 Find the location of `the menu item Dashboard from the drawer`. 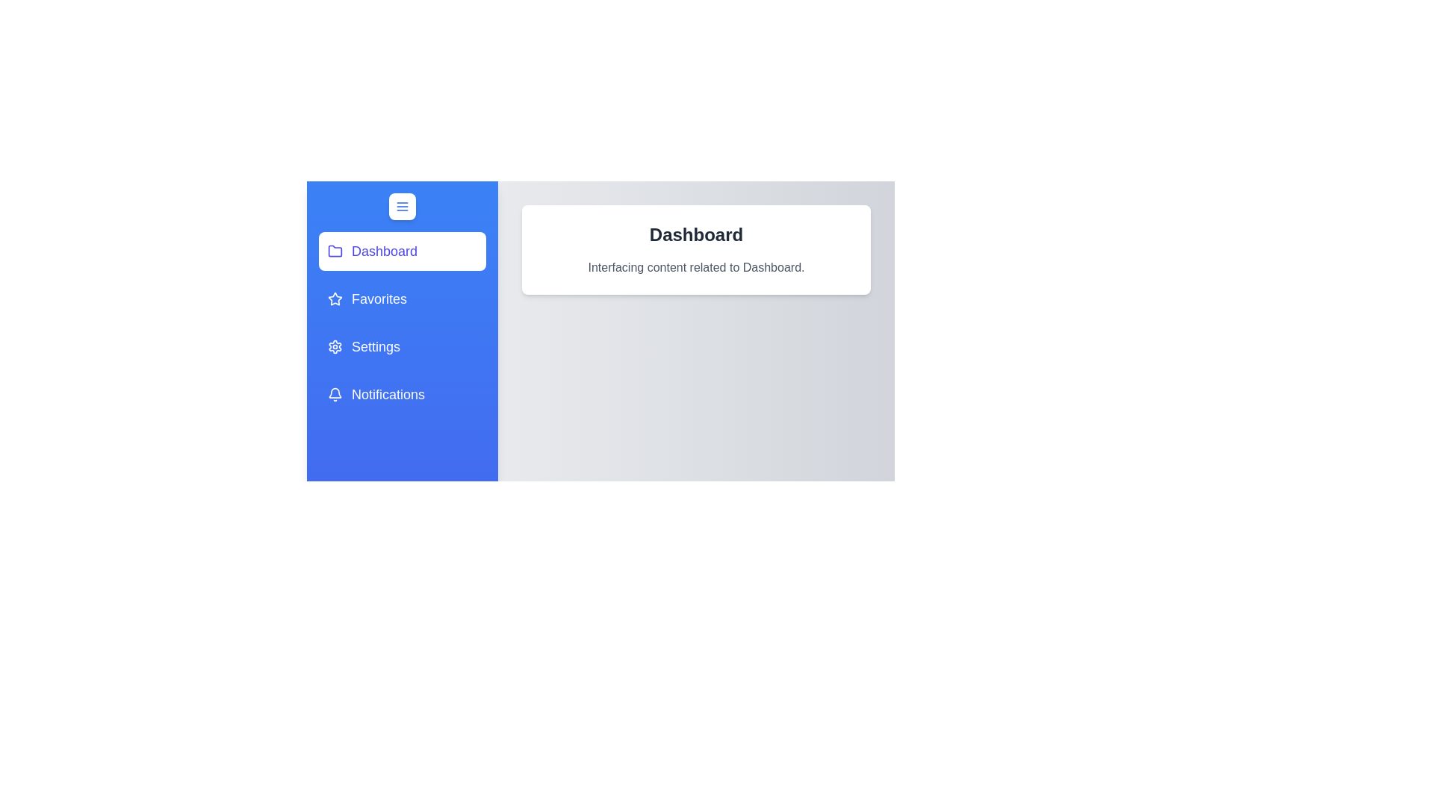

the menu item Dashboard from the drawer is located at coordinates (402, 250).